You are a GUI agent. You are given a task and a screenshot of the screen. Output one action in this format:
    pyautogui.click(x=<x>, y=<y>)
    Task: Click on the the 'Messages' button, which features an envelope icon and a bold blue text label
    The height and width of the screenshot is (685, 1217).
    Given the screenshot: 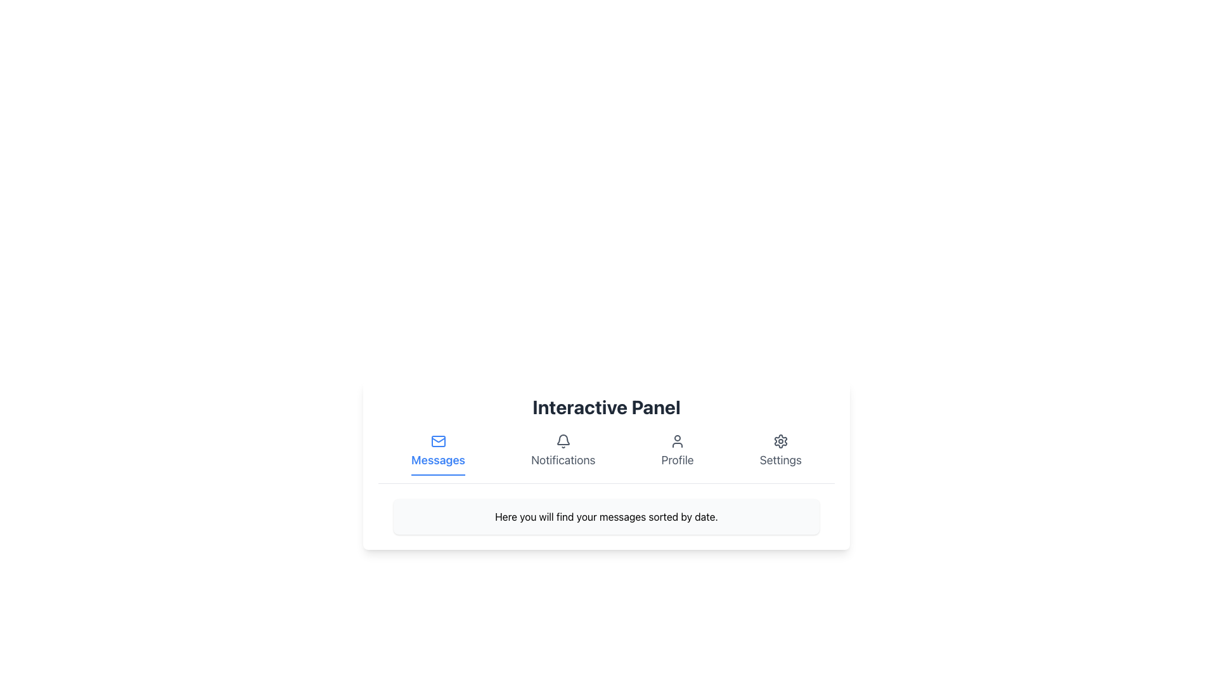 What is the action you would take?
    pyautogui.click(x=438, y=454)
    